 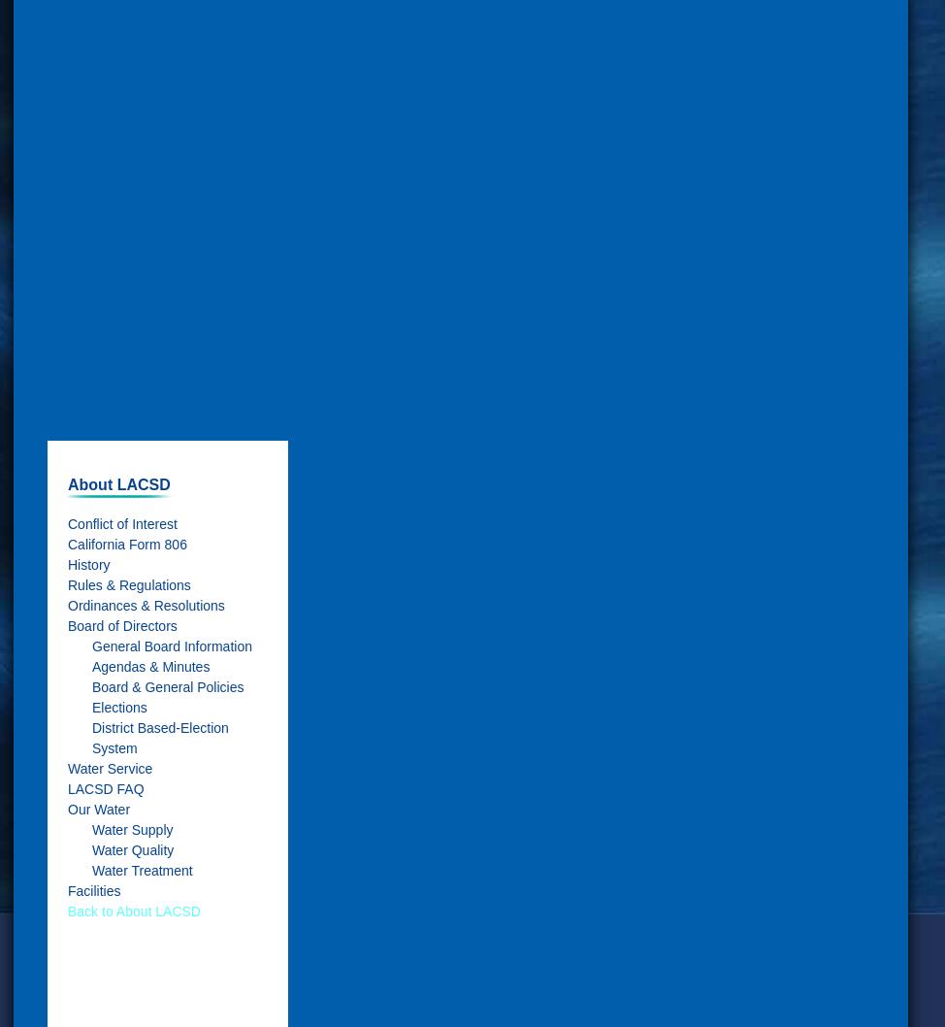 What do you see at coordinates (97, 807) in the screenshot?
I see `'Our Water'` at bounding box center [97, 807].